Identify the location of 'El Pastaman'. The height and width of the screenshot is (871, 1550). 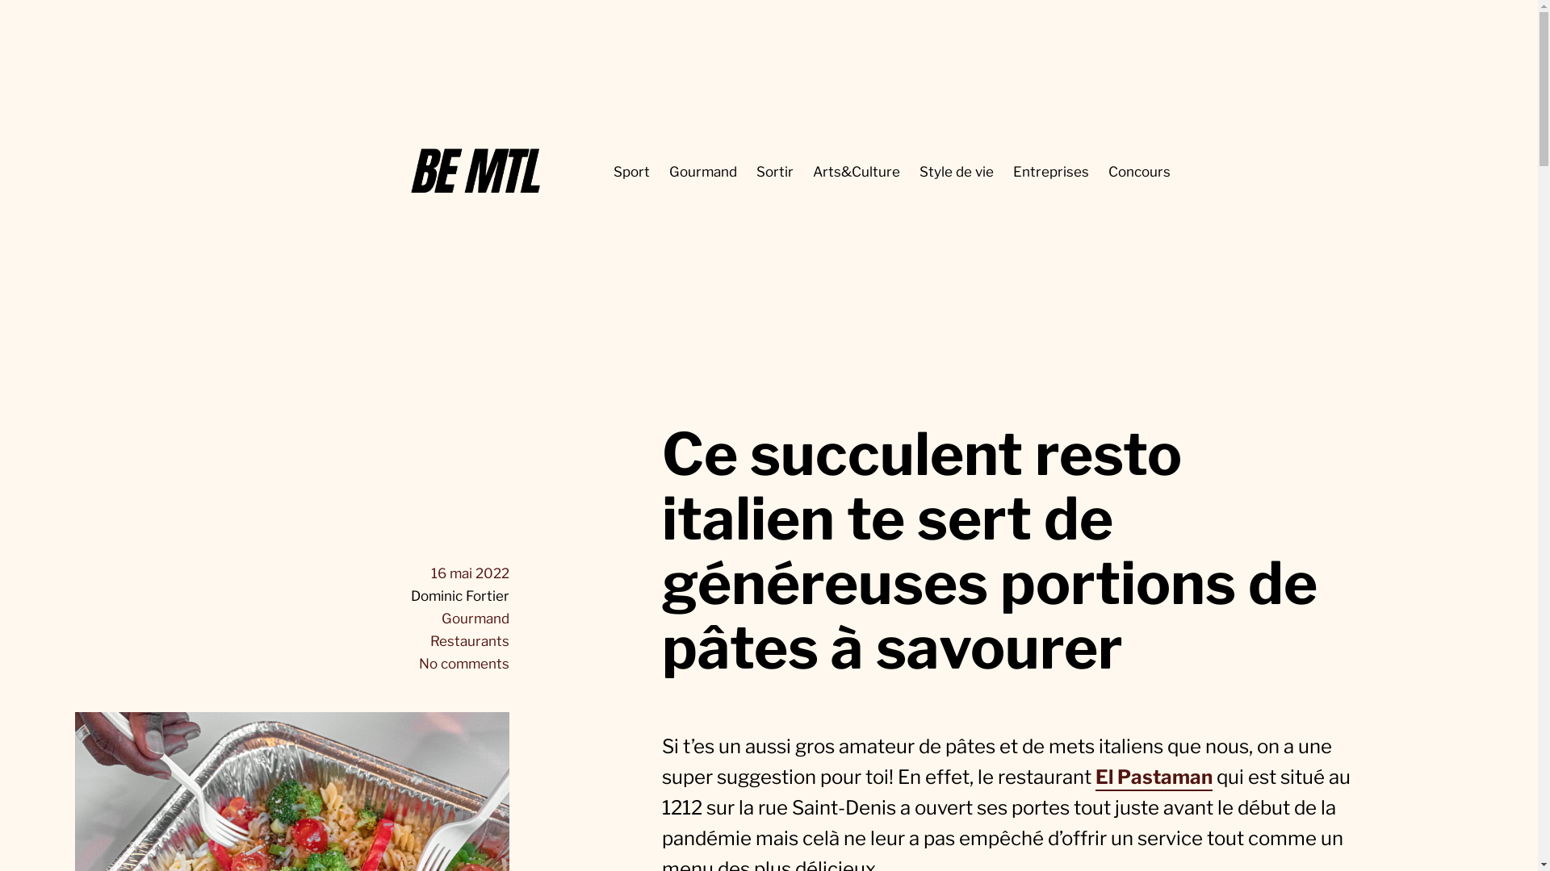
(1153, 776).